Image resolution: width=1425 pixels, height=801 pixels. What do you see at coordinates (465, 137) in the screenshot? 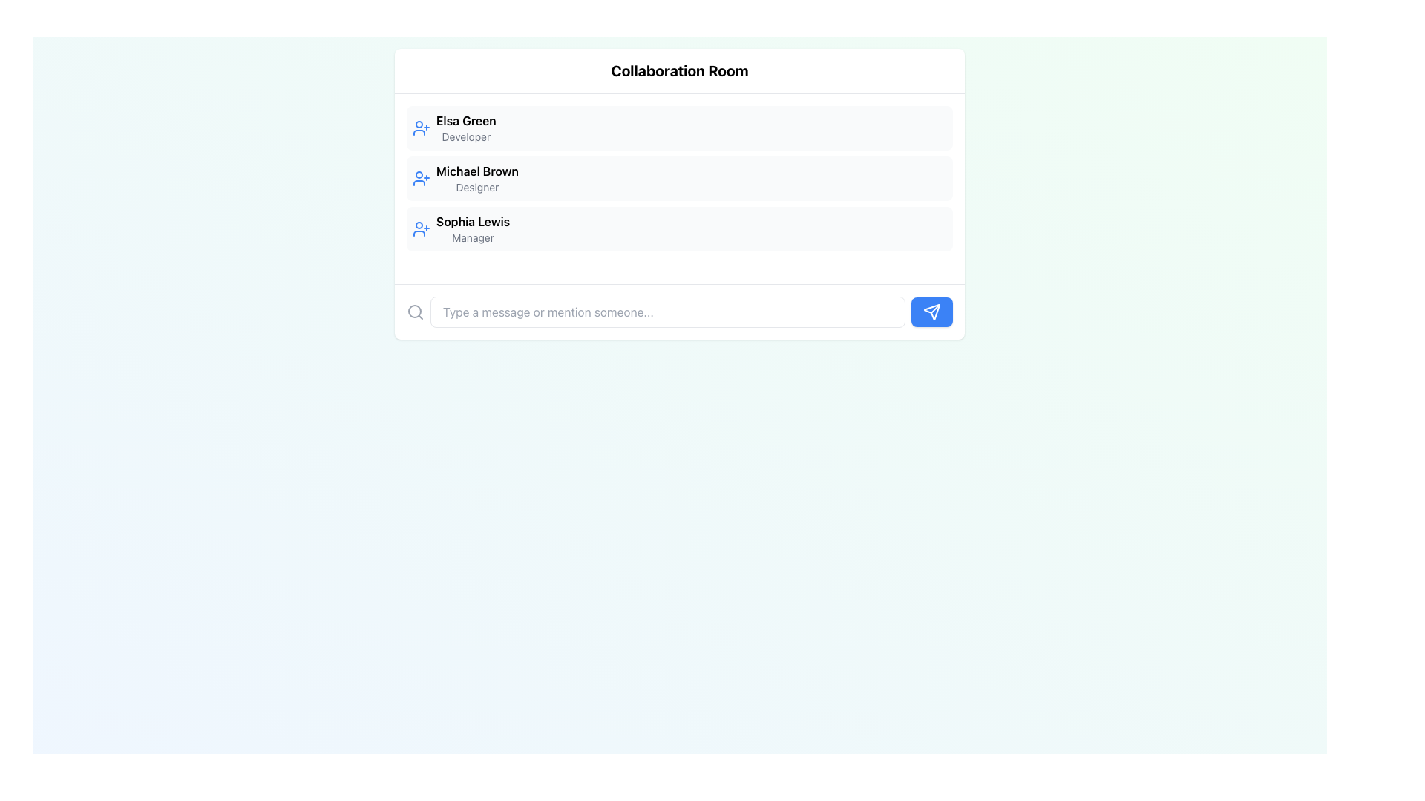
I see `the text label displaying 'Developer', which is positioned below 'Elsa Green' in the upper-left section of the interface` at bounding box center [465, 137].